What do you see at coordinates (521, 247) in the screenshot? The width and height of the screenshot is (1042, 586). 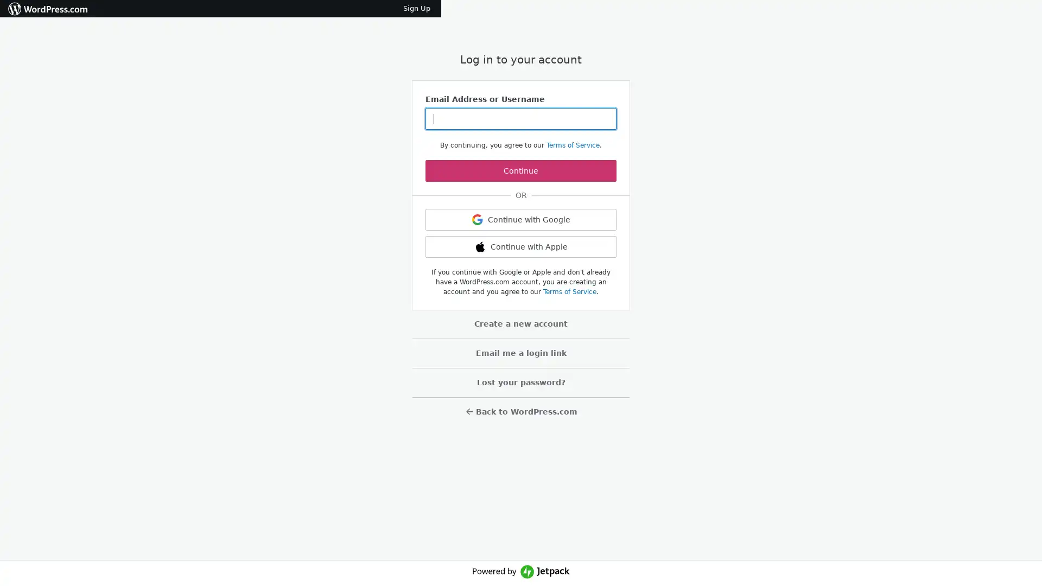 I see `Continue with Apple` at bounding box center [521, 247].